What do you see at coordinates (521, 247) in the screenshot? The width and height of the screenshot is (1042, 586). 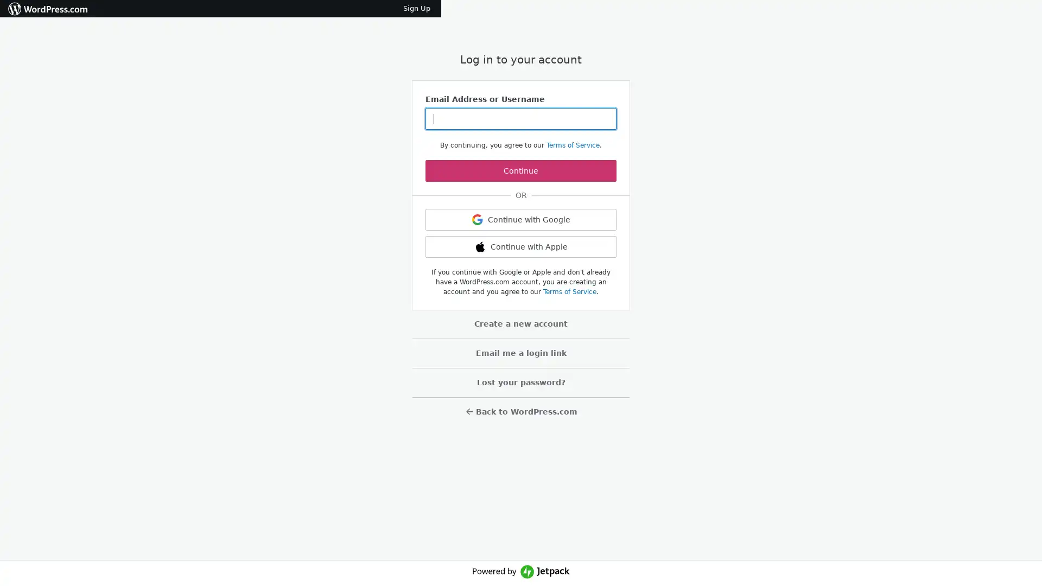 I see `Continue with Apple` at bounding box center [521, 247].